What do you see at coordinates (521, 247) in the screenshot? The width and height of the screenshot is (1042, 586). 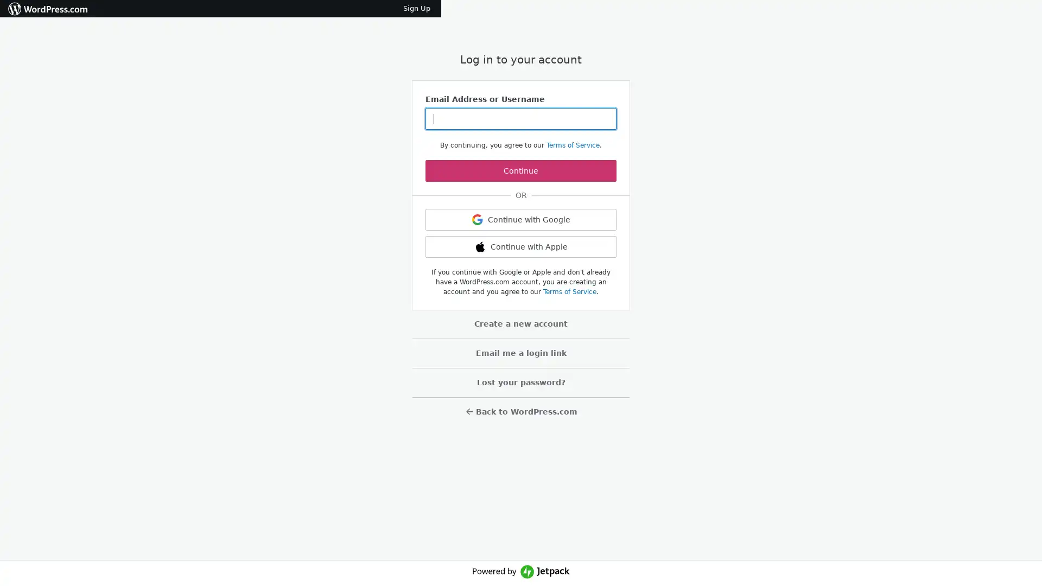 I see `Continue with Apple` at bounding box center [521, 247].